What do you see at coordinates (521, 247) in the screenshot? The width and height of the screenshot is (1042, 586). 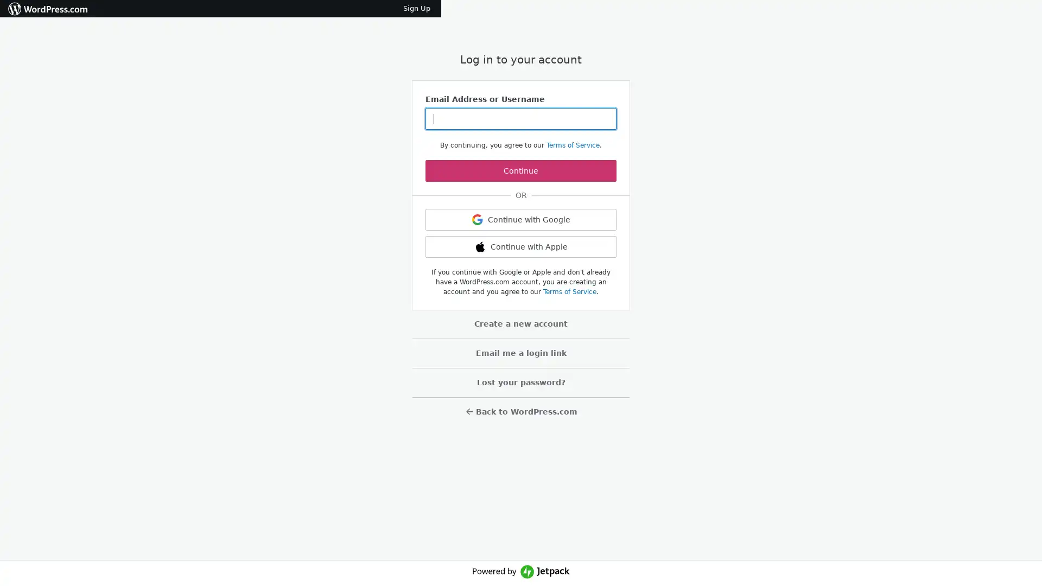 I see `Continue with Apple` at bounding box center [521, 247].